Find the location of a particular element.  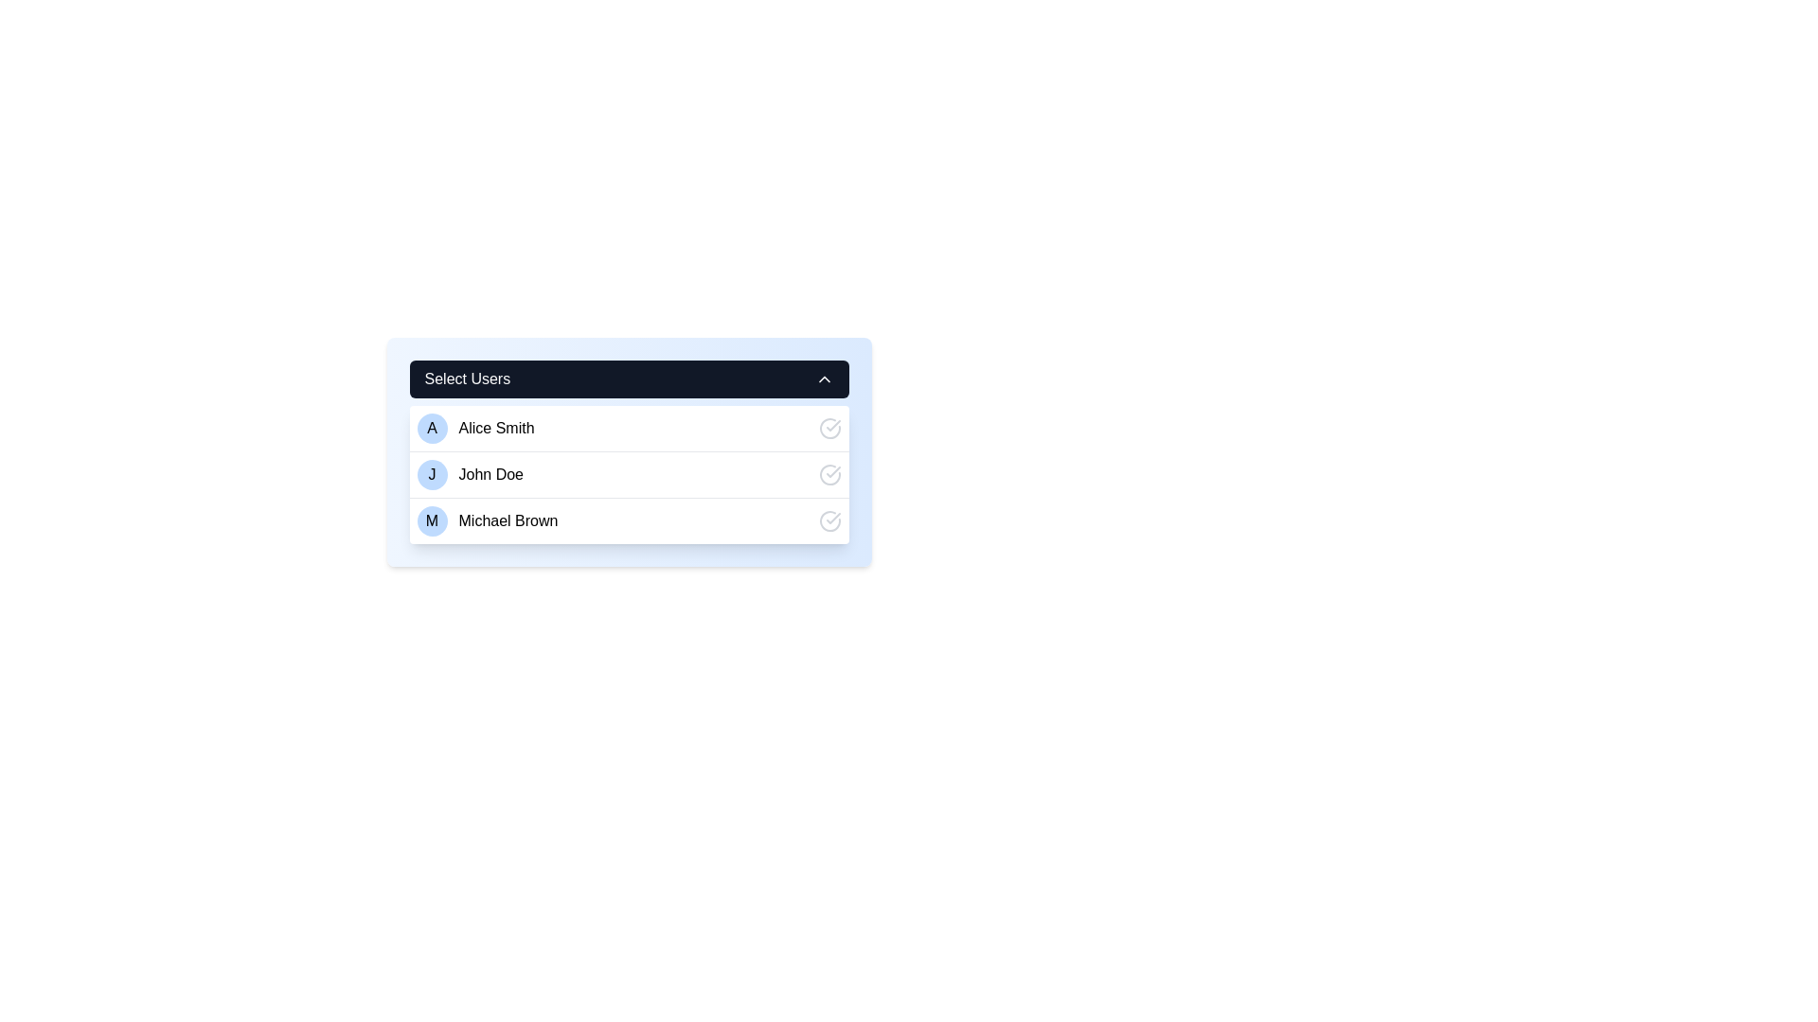

the user entry for 'Michael Brown' in the list of user entries under 'Select Users' is located at coordinates (487, 521).